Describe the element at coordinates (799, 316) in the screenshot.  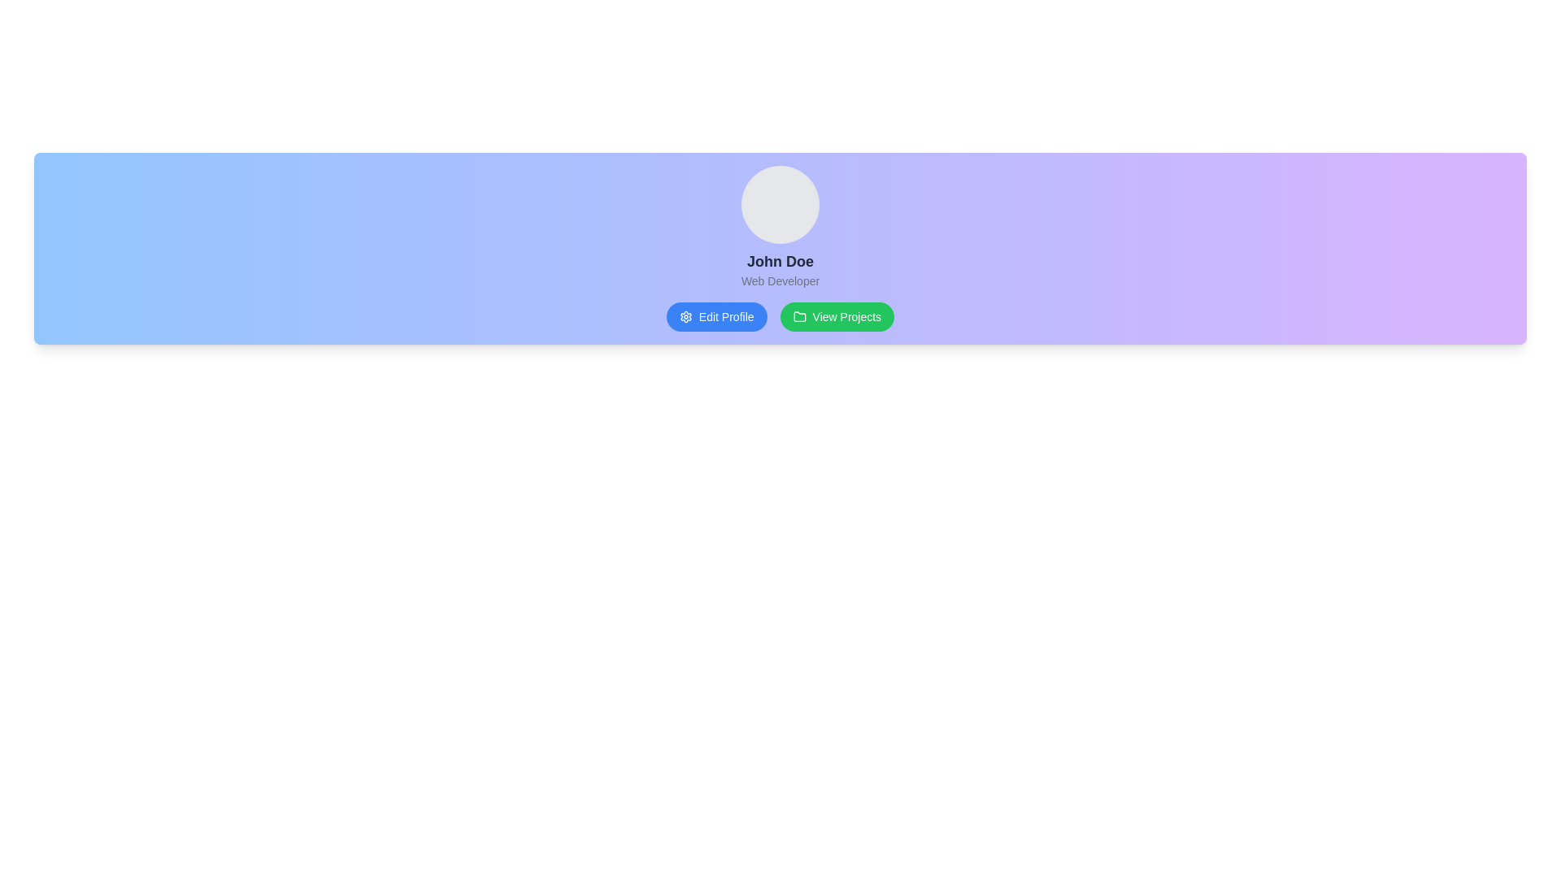
I see `the folder icon within the 'View Projects' button, which visually represents project browsing` at that location.